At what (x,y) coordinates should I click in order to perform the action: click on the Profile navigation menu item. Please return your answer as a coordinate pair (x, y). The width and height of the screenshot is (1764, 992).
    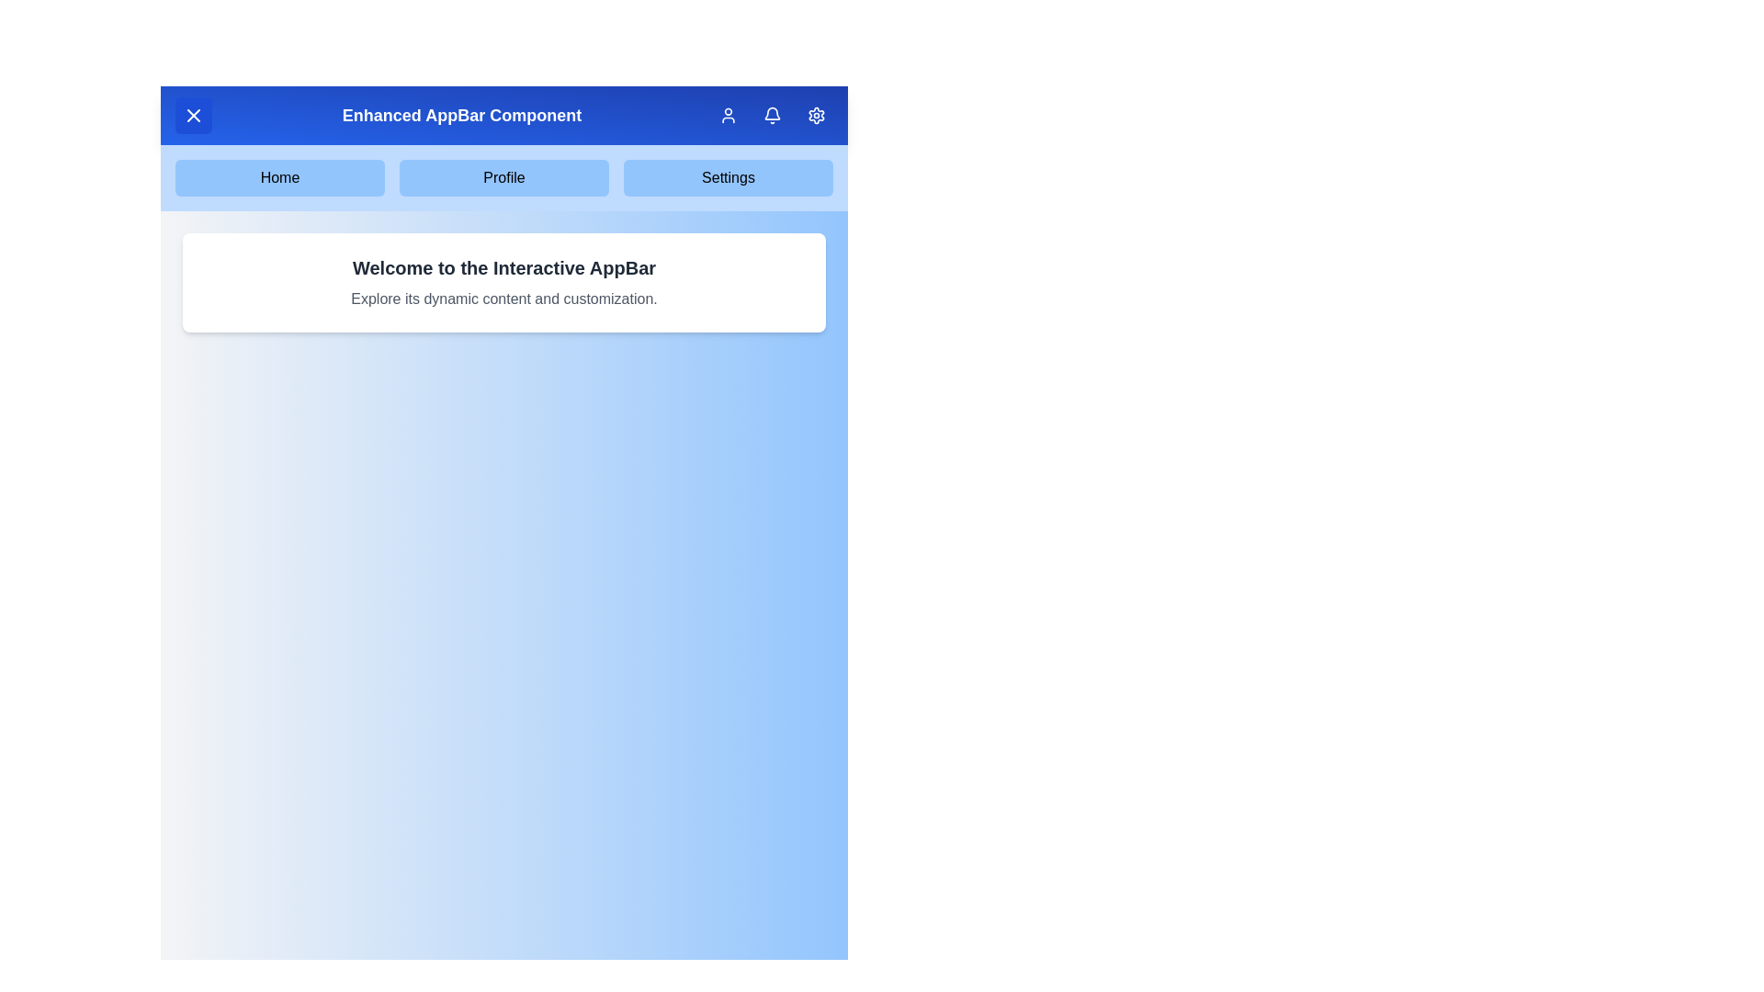
    Looking at the image, I should click on (503, 177).